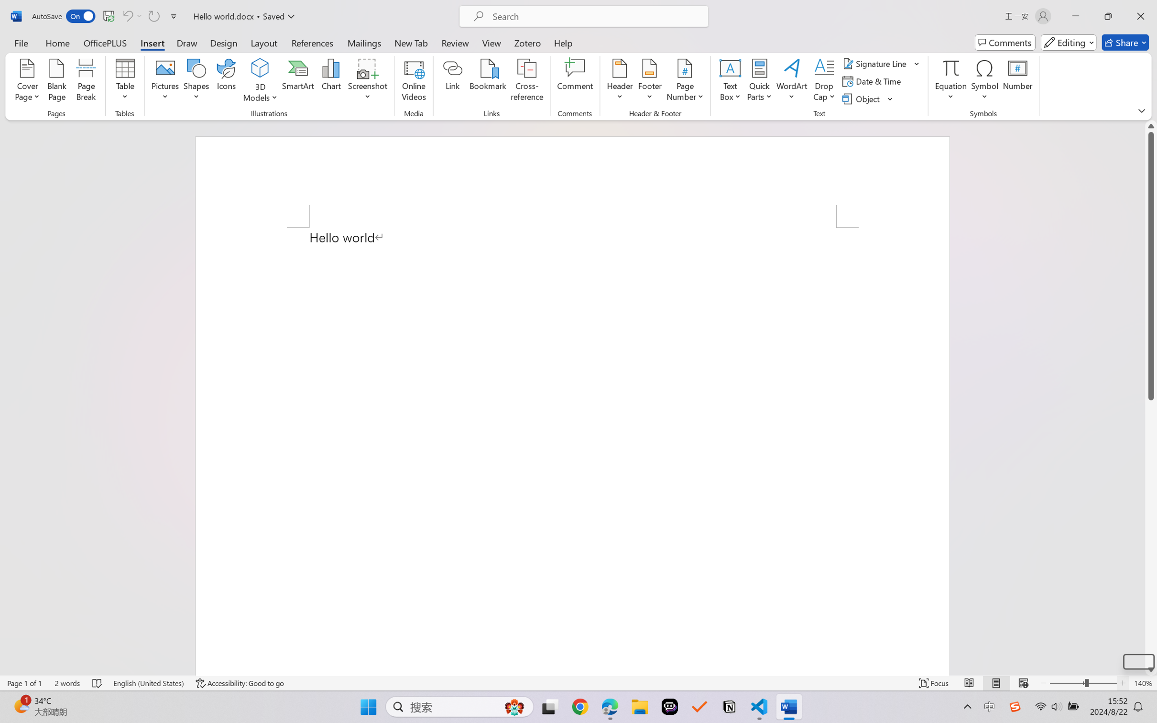 The height and width of the screenshot is (723, 1157). What do you see at coordinates (730, 81) in the screenshot?
I see `'Text Box'` at bounding box center [730, 81].